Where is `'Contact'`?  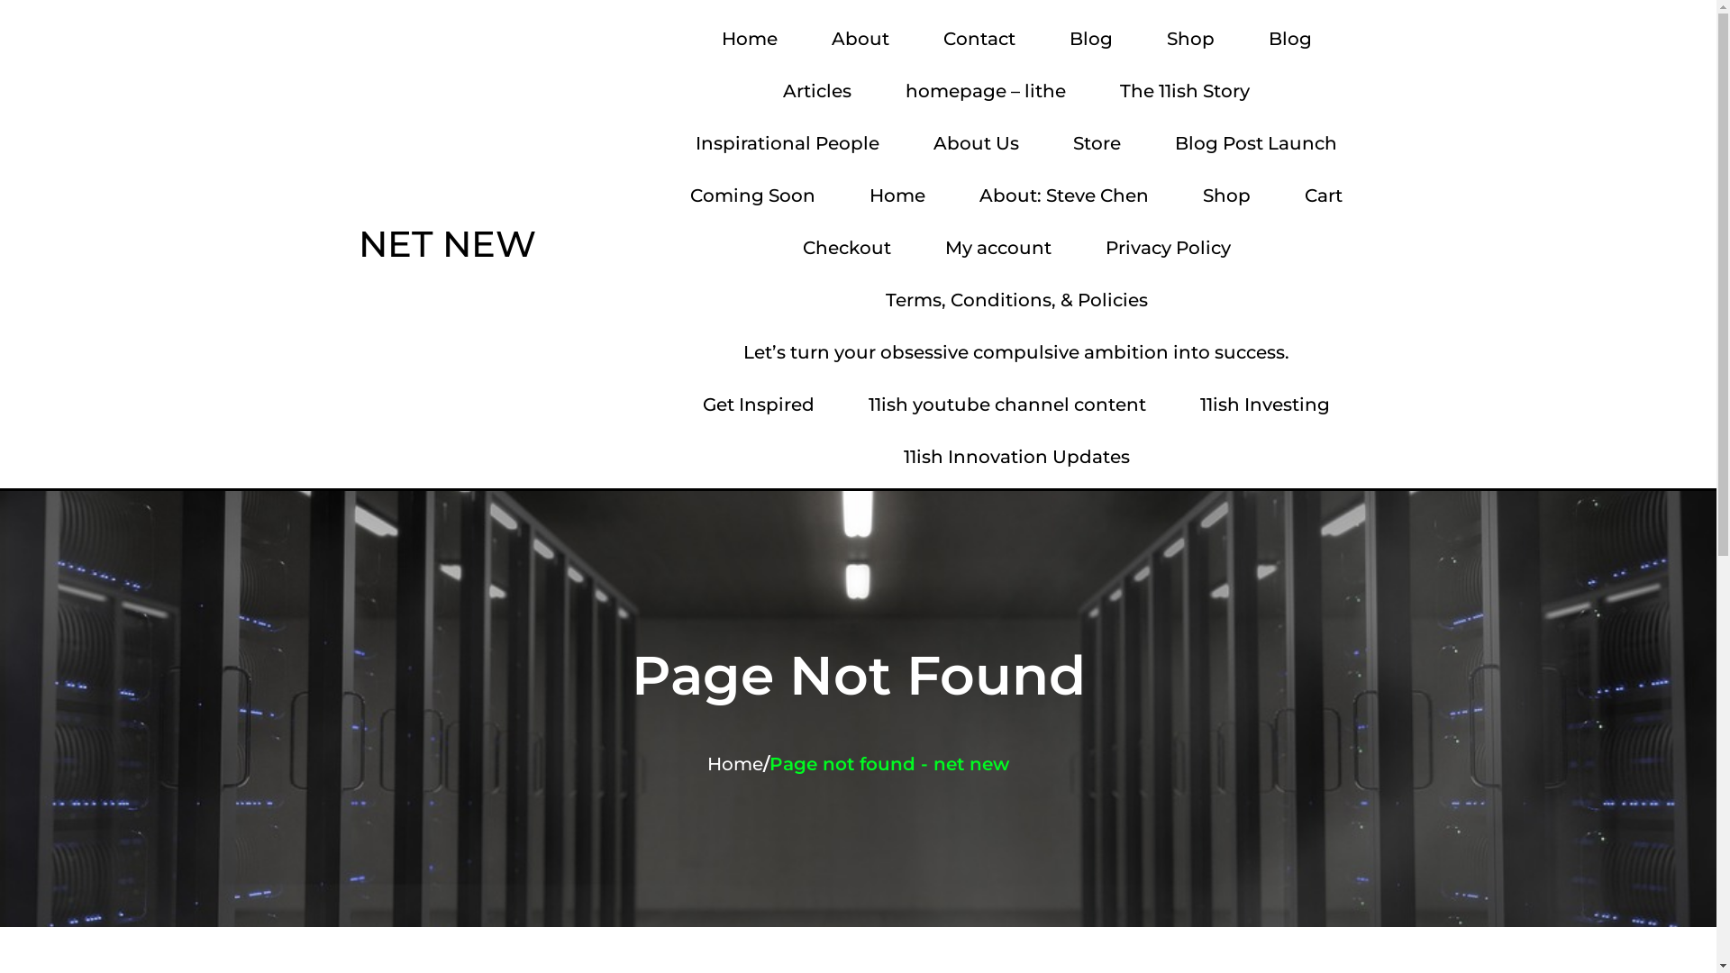
'Contact' is located at coordinates (921, 38).